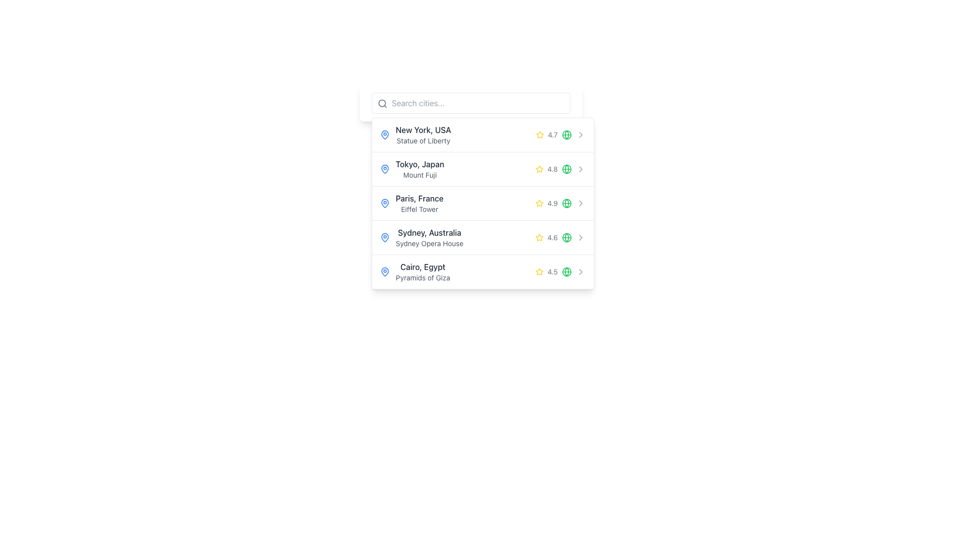 The height and width of the screenshot is (536, 954). Describe the element at coordinates (384, 237) in the screenshot. I see `the geographic location icon indicating the Sydney Opera House entry, which is located to the left of the text 'Sydney, Australia' in the fourth list entry` at that location.